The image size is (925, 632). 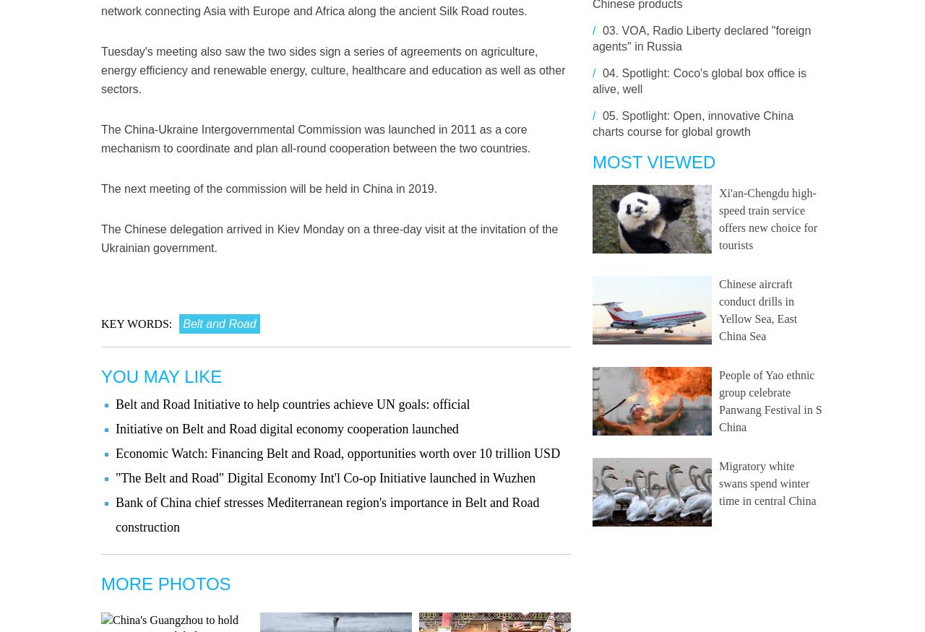 I want to click on '03.', so click(x=599, y=30).